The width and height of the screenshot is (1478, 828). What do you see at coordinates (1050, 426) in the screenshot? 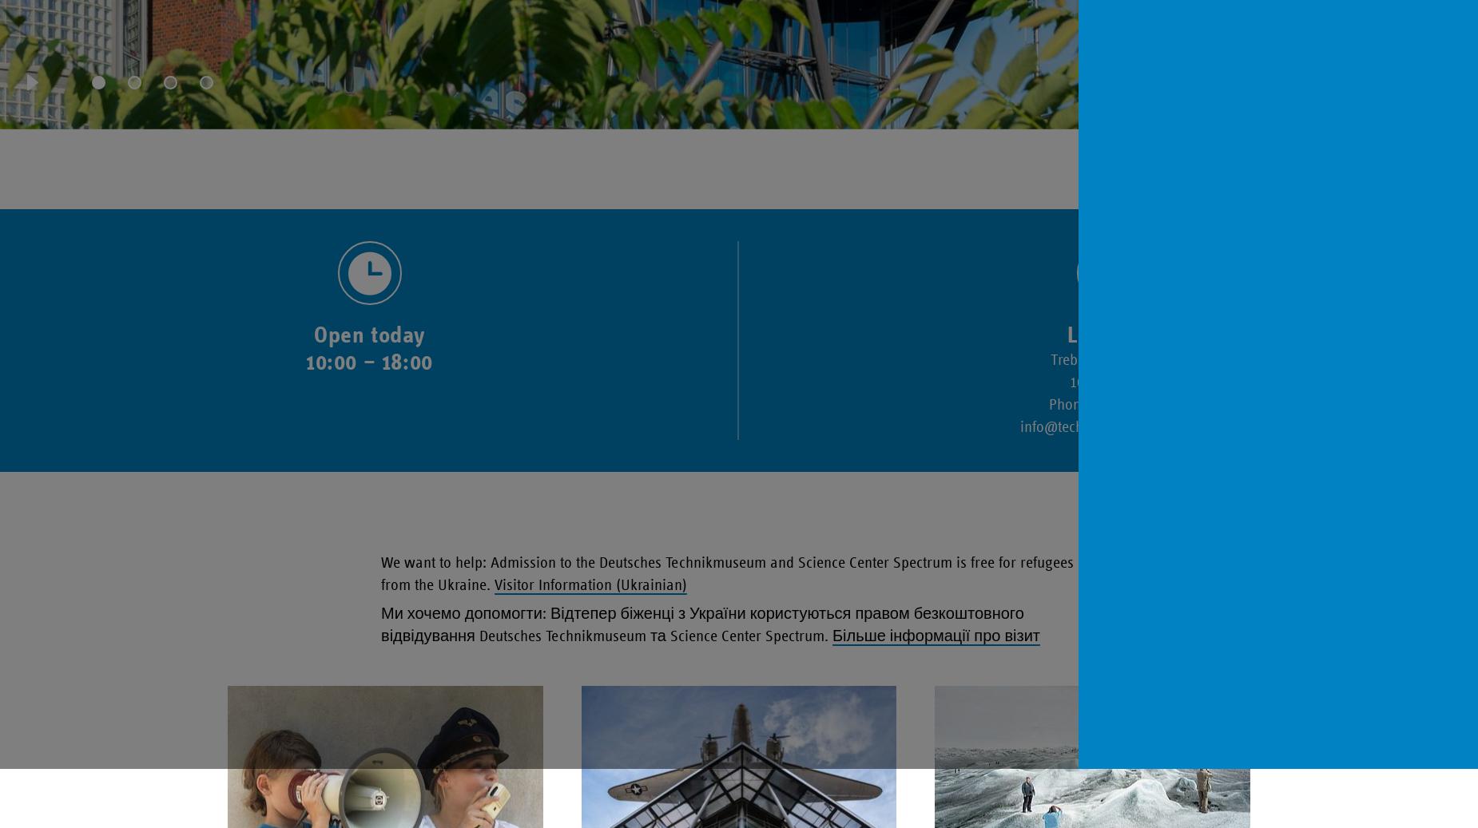
I see `'@'` at bounding box center [1050, 426].